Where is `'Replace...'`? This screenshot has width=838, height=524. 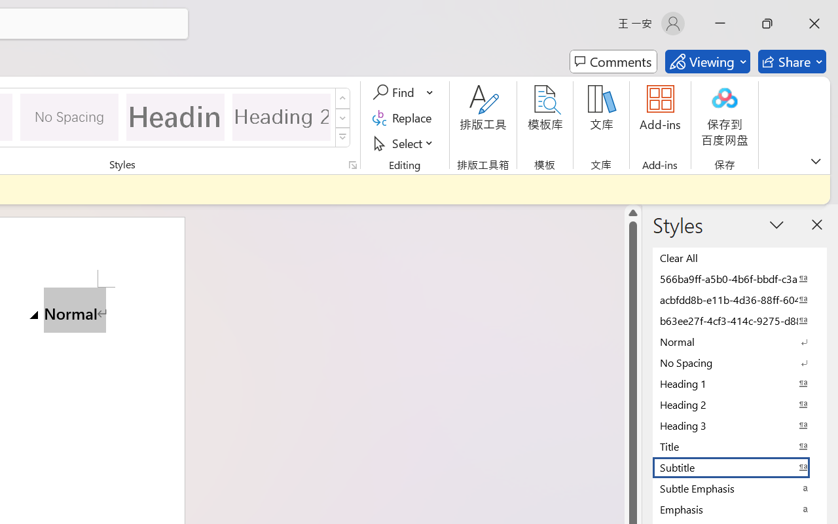
'Replace...' is located at coordinates (403, 117).